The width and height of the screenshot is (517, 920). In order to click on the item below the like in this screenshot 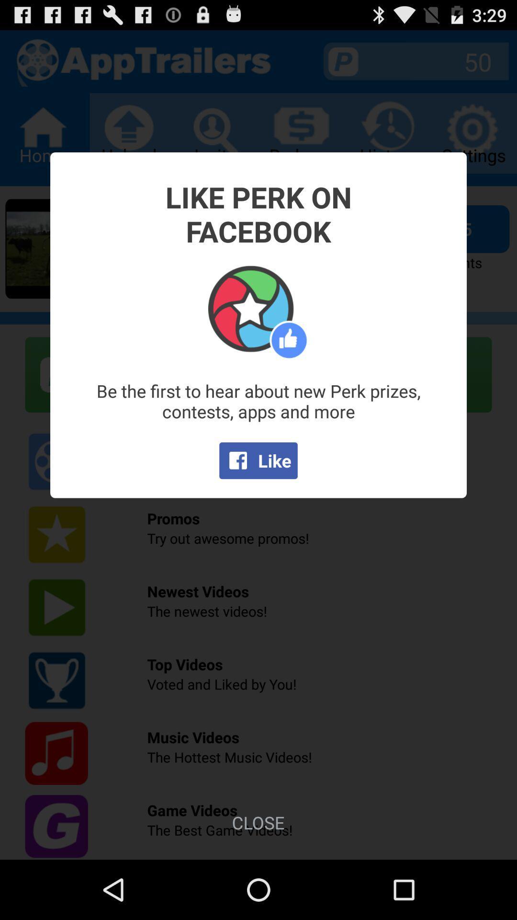, I will do `click(258, 822)`.